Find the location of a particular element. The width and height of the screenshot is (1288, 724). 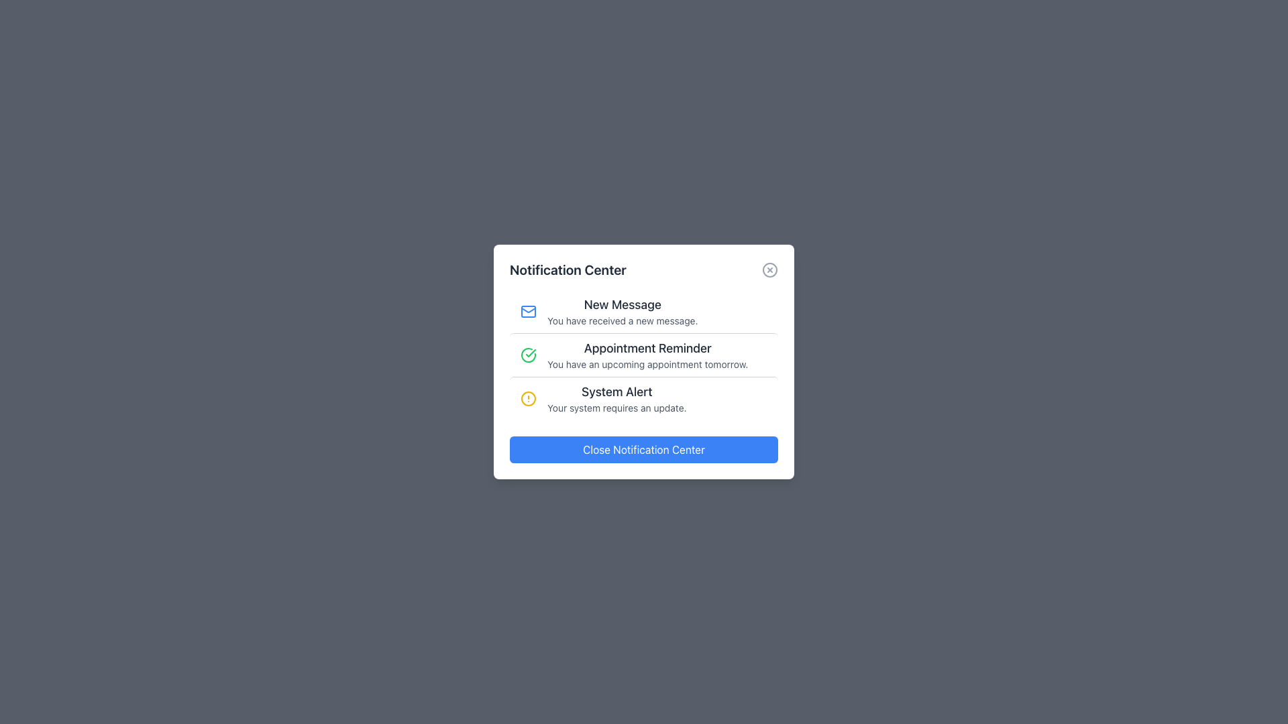

the circular icon button with a diagonal cross inside it, located in the top-right corner of the Notification Center header, next to the 'Notification Center' title is located at coordinates (769, 269).